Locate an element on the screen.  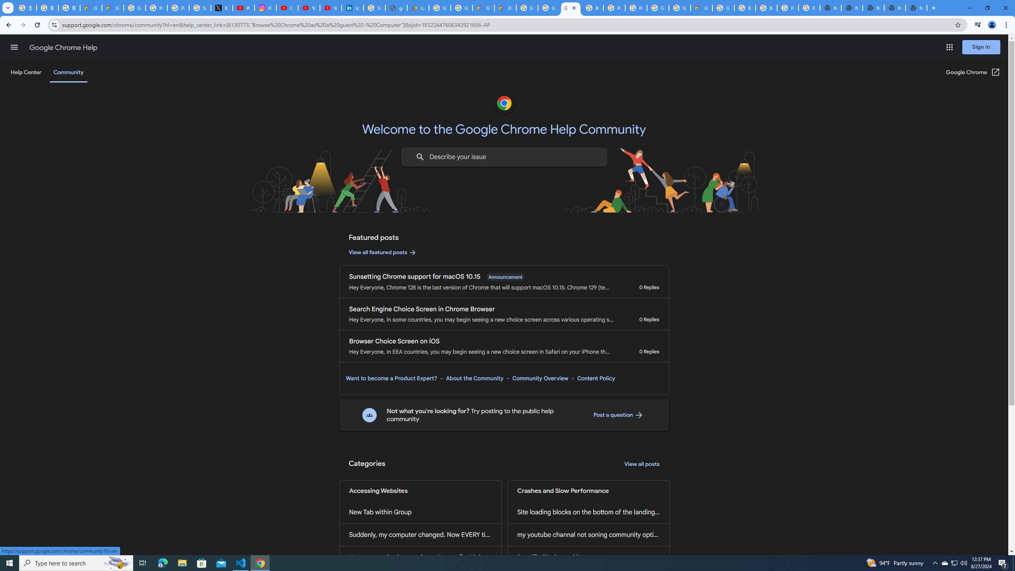
'Search' is located at coordinates (419, 157).